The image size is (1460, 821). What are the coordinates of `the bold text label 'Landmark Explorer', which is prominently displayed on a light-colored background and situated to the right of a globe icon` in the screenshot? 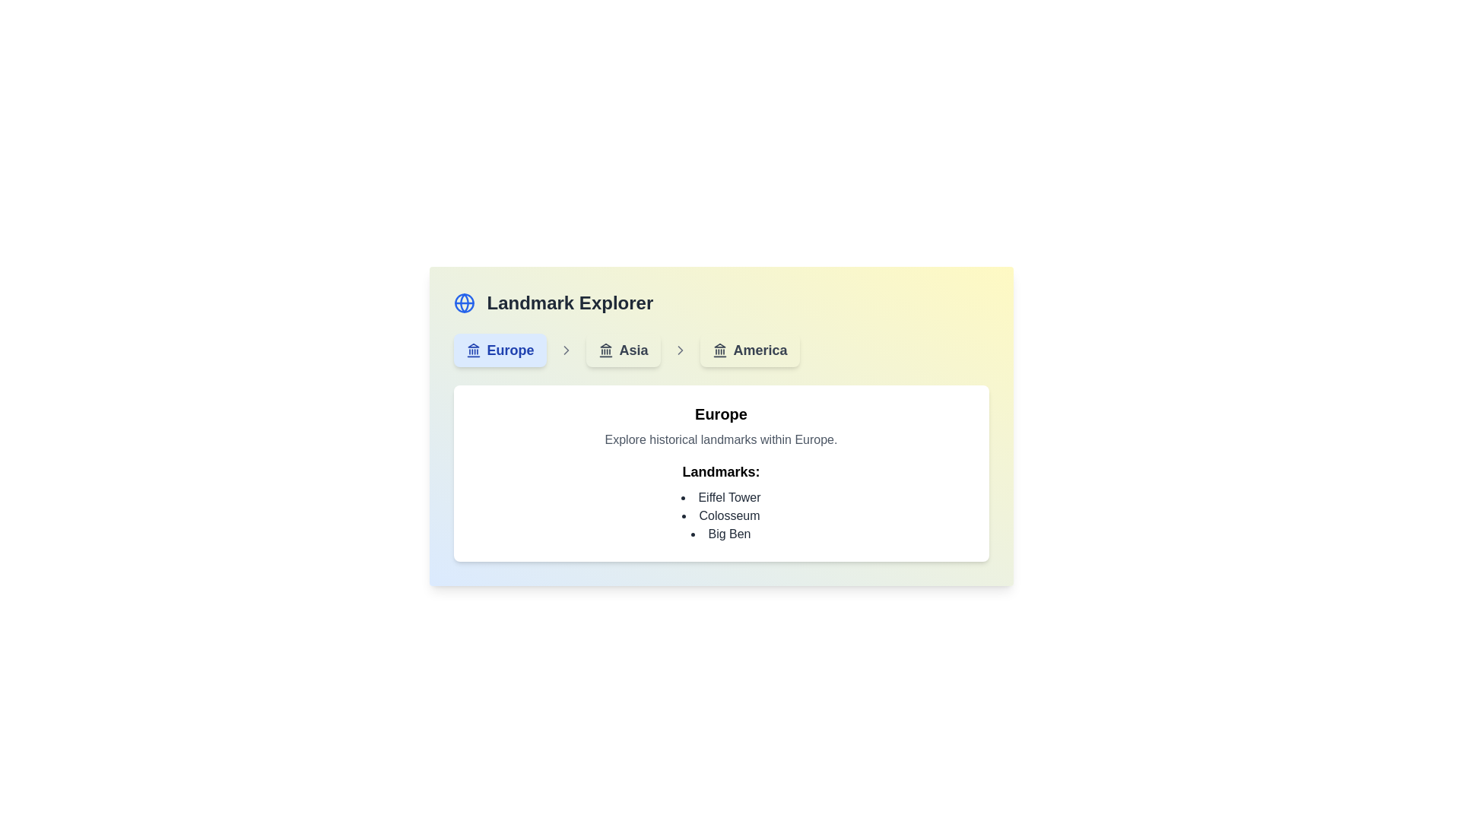 It's located at (569, 303).